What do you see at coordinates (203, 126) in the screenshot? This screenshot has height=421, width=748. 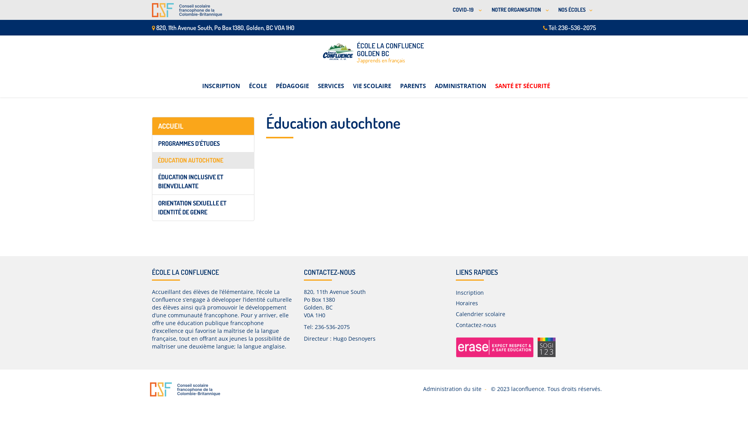 I see `'ACCUEIL'` at bounding box center [203, 126].